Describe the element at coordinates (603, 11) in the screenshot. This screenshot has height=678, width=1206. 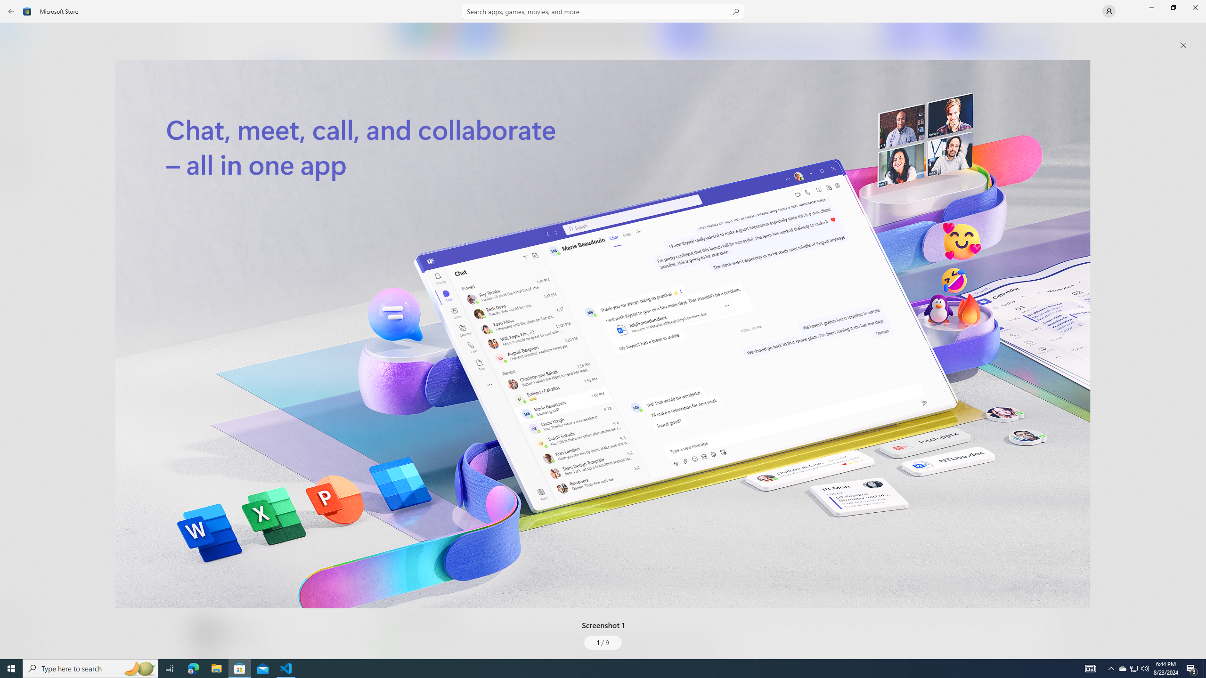
I see `'Search'` at that location.